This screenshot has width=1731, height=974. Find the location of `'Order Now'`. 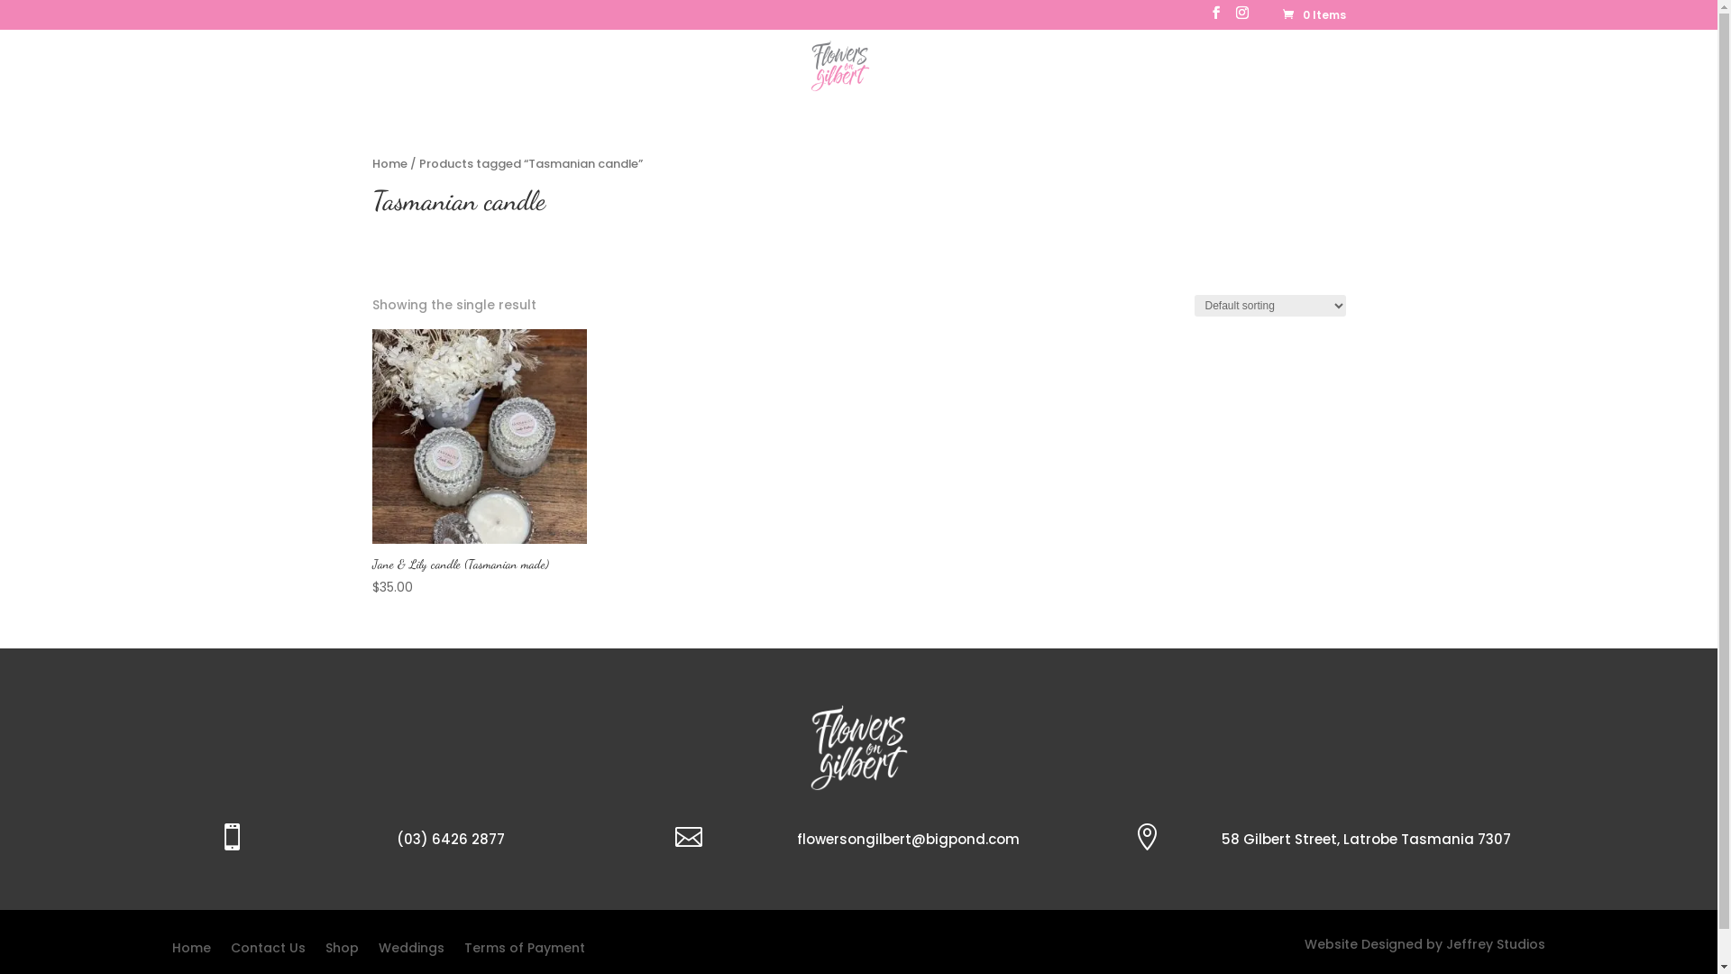

'Order Now' is located at coordinates (718, 79).